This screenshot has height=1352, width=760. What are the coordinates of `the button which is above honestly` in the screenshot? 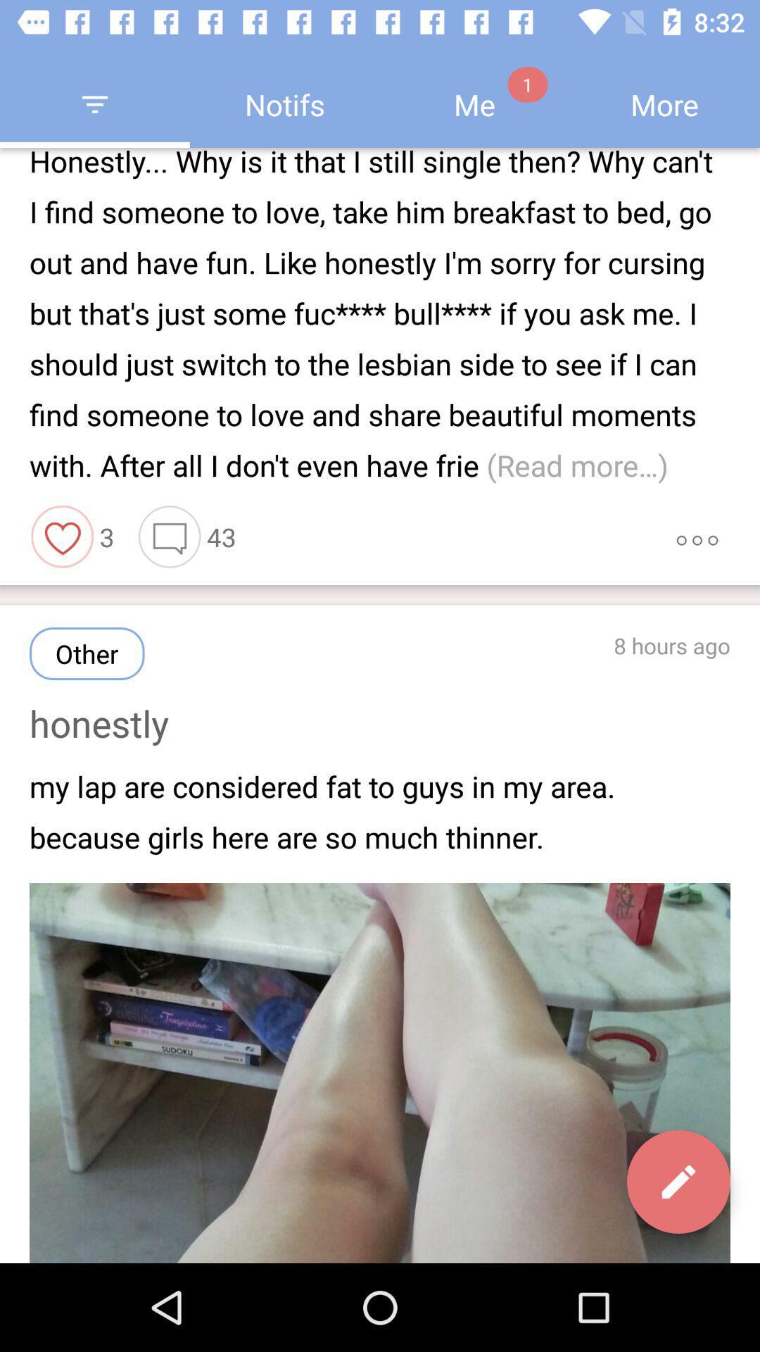 It's located at (87, 653).